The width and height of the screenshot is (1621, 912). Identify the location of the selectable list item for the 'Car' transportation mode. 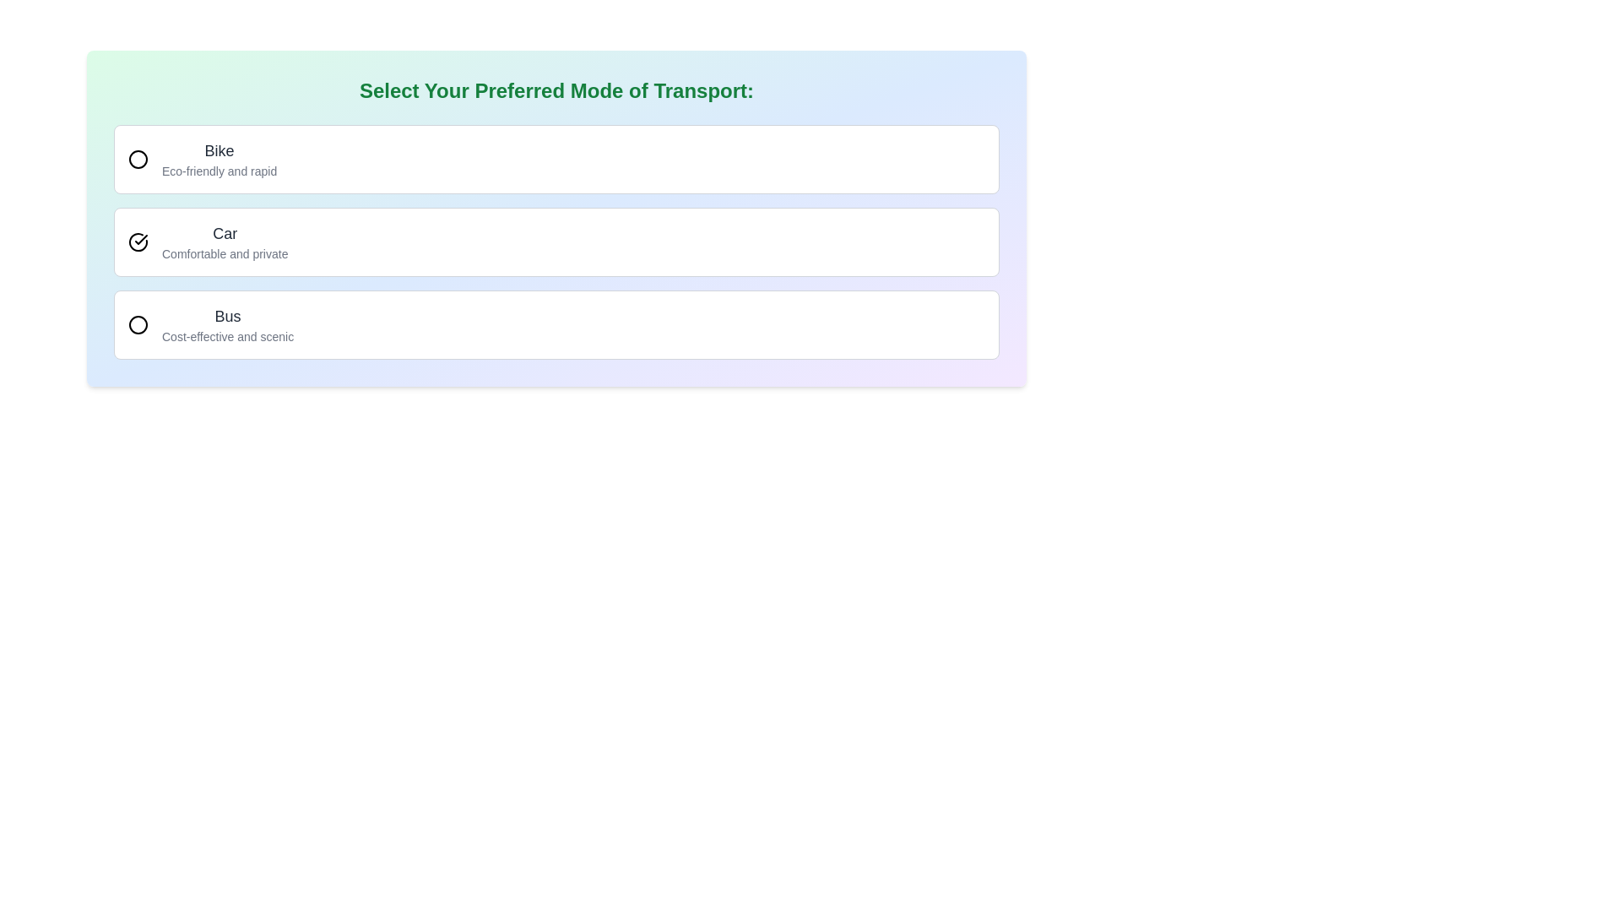
(556, 242).